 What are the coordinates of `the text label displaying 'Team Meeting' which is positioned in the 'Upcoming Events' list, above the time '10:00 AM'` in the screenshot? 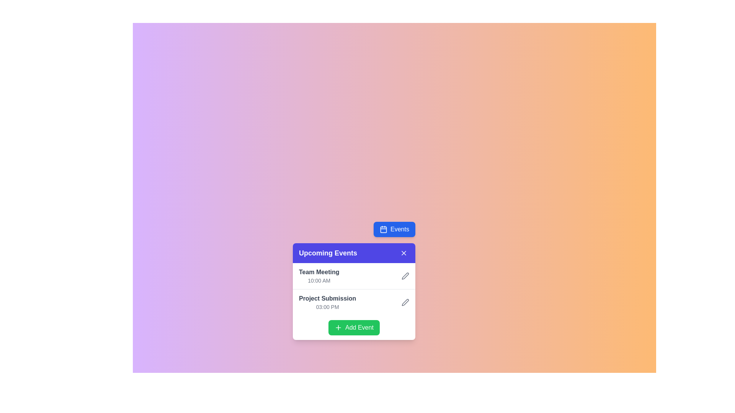 It's located at (319, 272).